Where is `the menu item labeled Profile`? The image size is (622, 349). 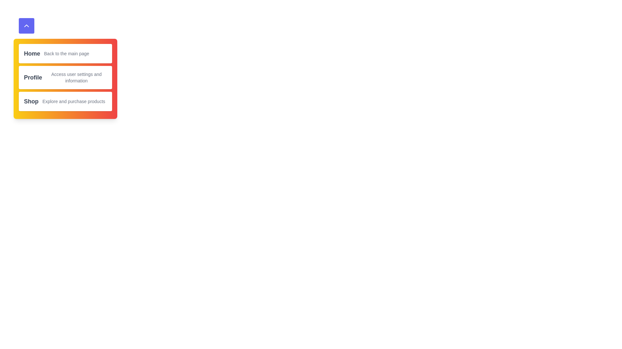
the menu item labeled Profile is located at coordinates (32, 77).